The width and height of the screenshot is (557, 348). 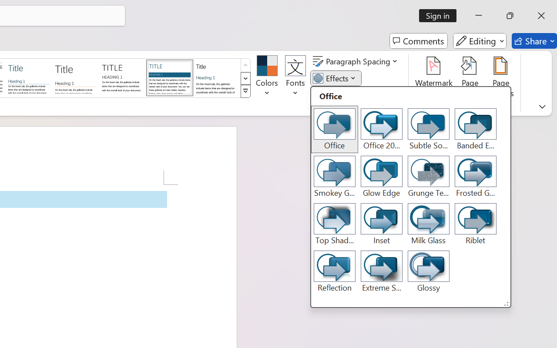 What do you see at coordinates (479, 41) in the screenshot?
I see `'Editing'` at bounding box center [479, 41].